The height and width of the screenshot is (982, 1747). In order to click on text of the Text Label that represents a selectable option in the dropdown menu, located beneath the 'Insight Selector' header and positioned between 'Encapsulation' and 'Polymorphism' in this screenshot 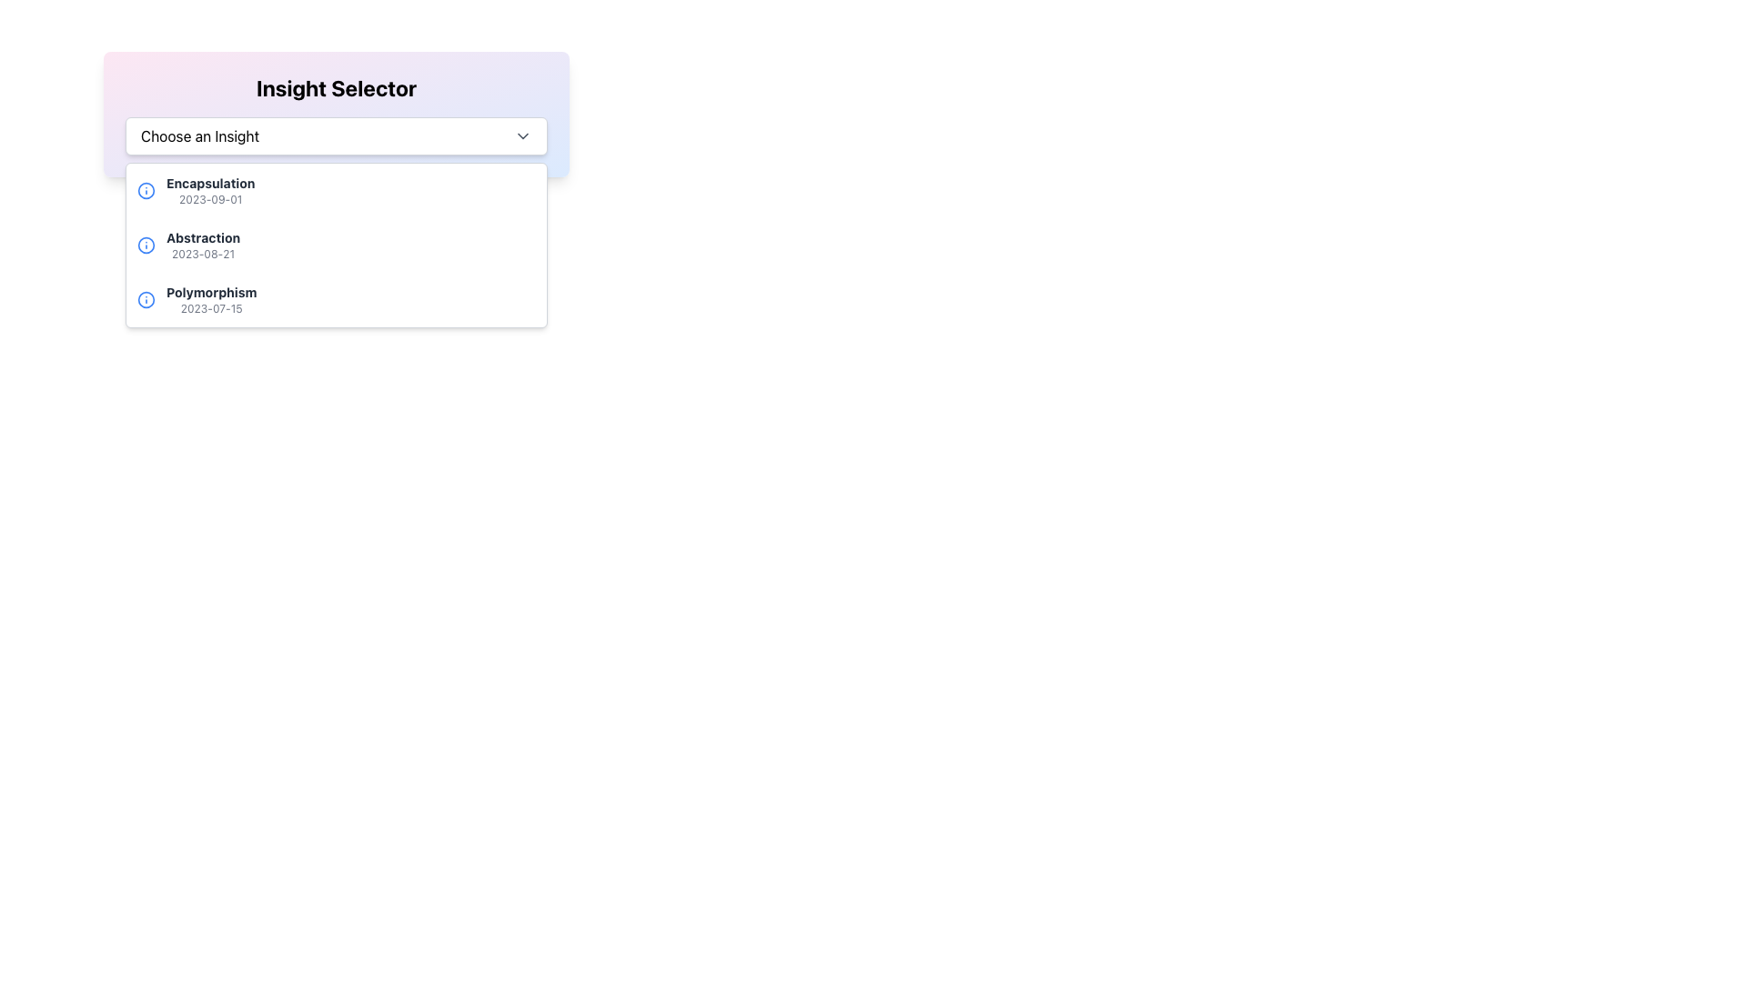, I will do `click(203, 237)`.